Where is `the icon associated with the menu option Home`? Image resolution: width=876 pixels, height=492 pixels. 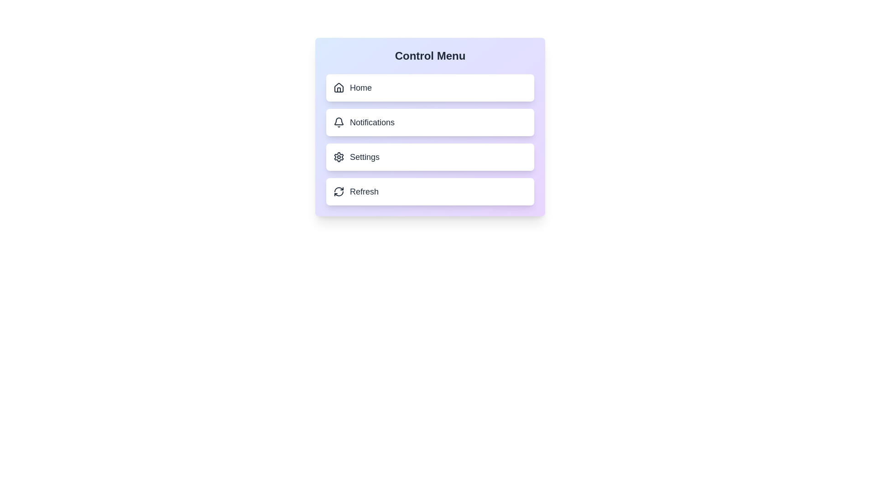 the icon associated with the menu option Home is located at coordinates (339, 87).